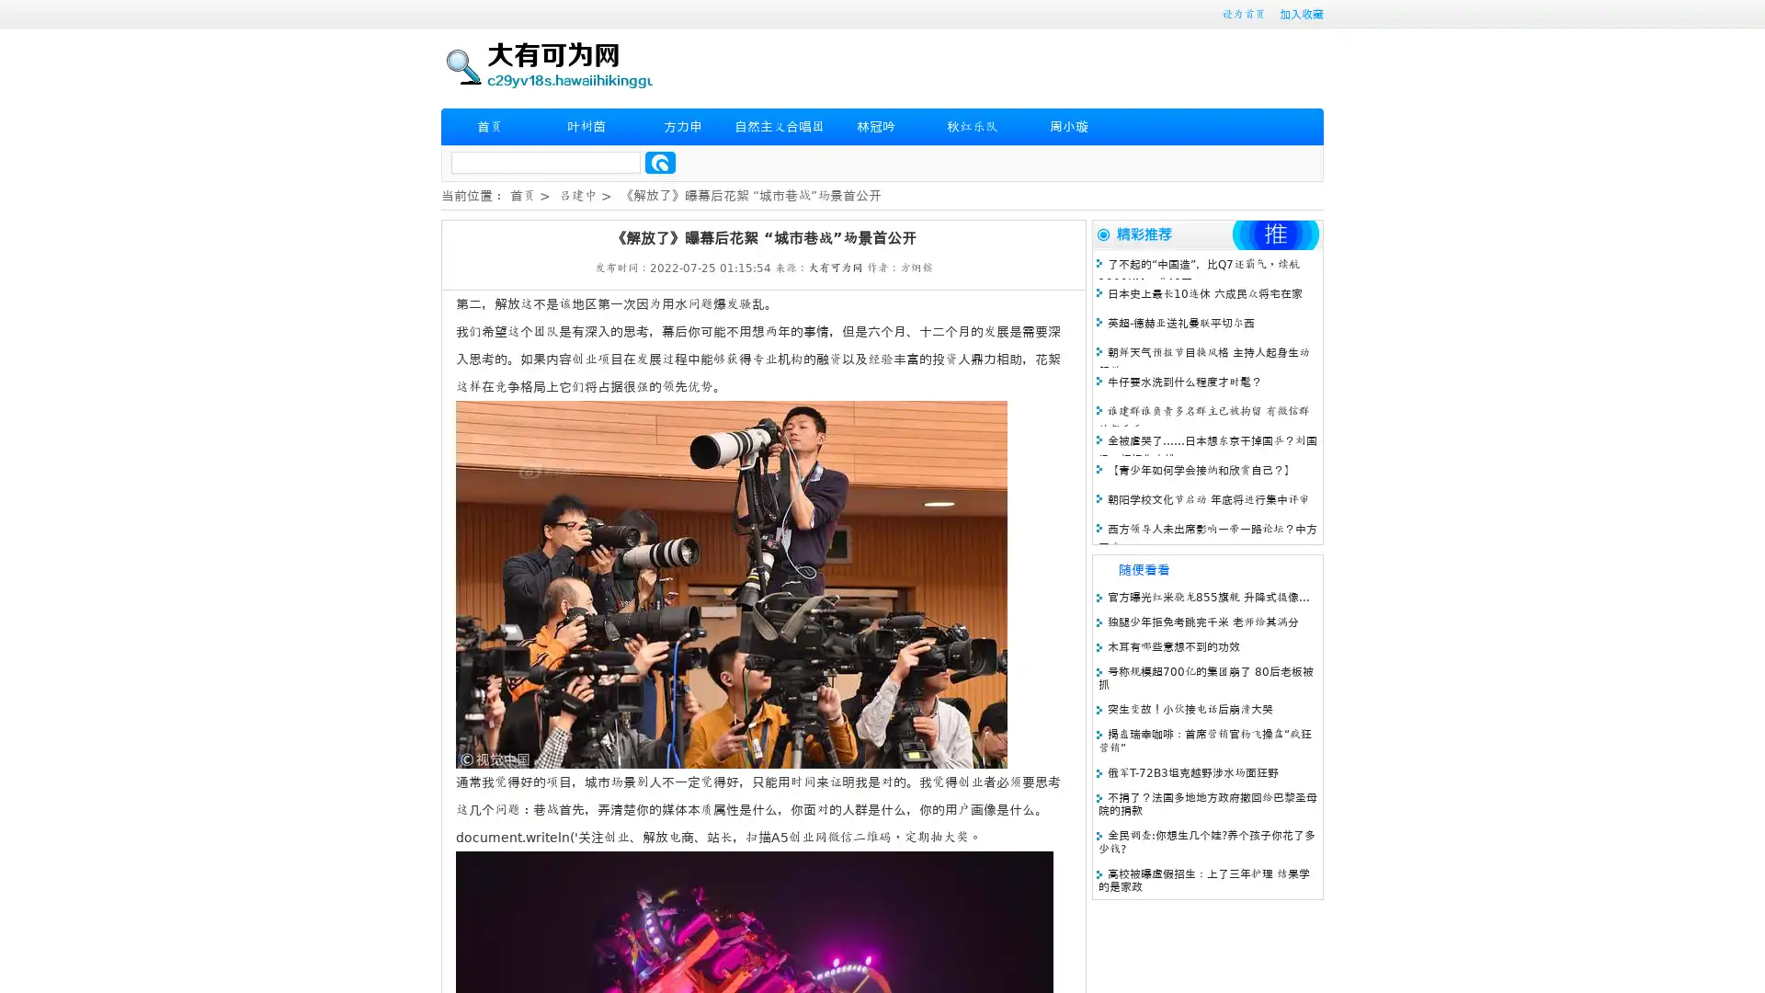 The image size is (1765, 993). I want to click on Search, so click(660, 162).